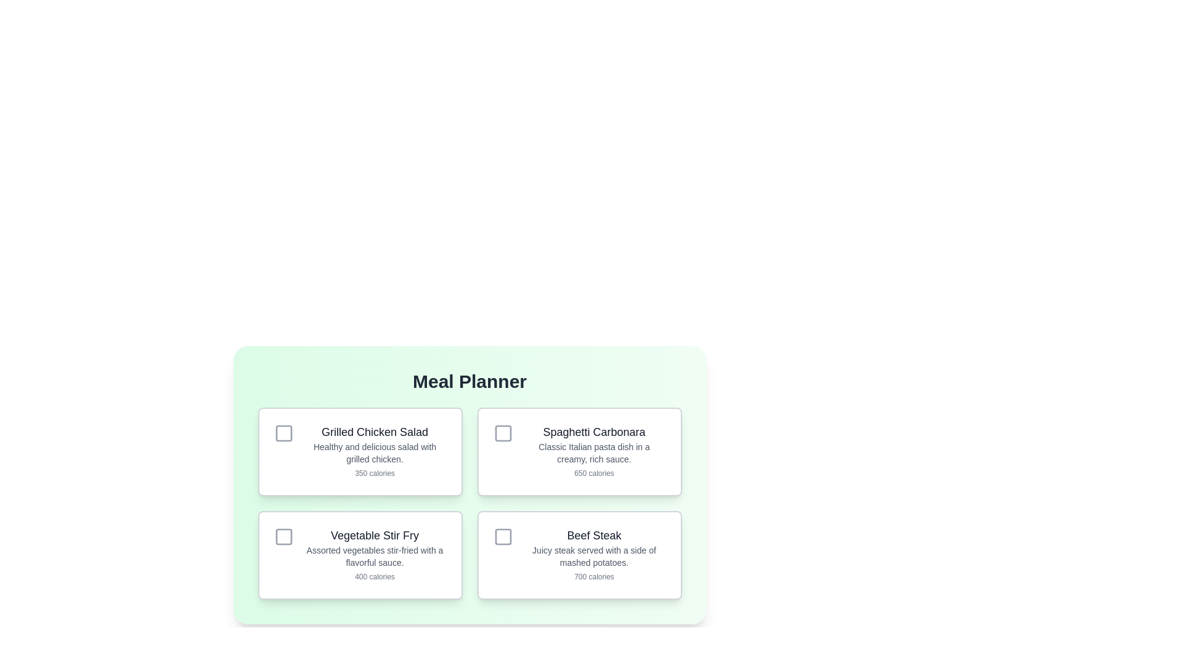 The width and height of the screenshot is (1183, 665). Describe the element at coordinates (374, 432) in the screenshot. I see `the text label 'Grilled Chicken Salad', which is styled in a large, bold font and located at the top of the first card in the Meal Planner section` at that location.